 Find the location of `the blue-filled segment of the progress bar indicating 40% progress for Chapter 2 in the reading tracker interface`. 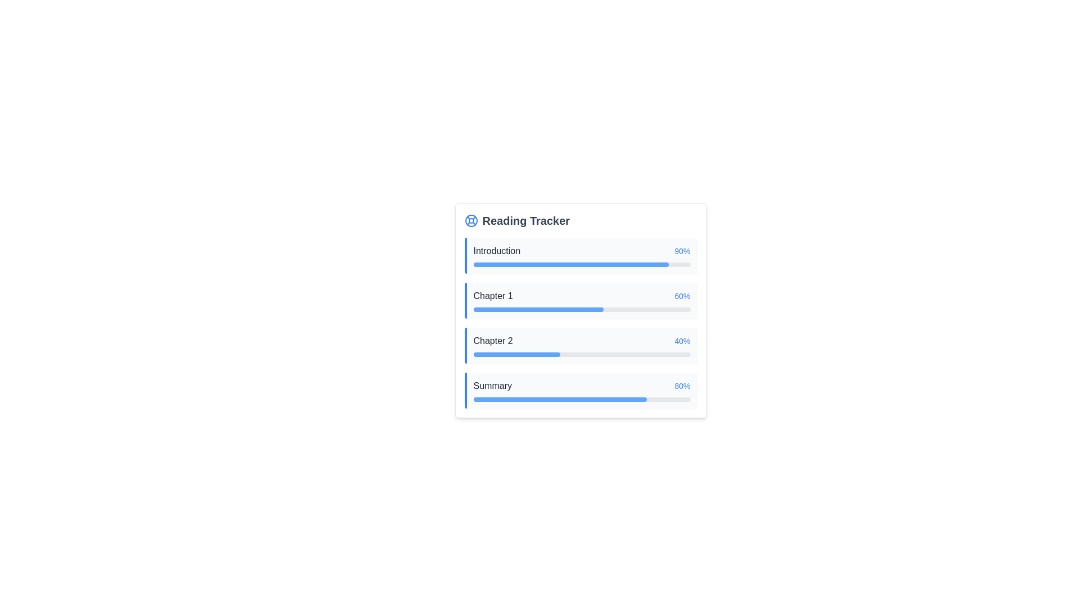

the blue-filled segment of the progress bar indicating 40% progress for Chapter 2 in the reading tracker interface is located at coordinates (516, 355).